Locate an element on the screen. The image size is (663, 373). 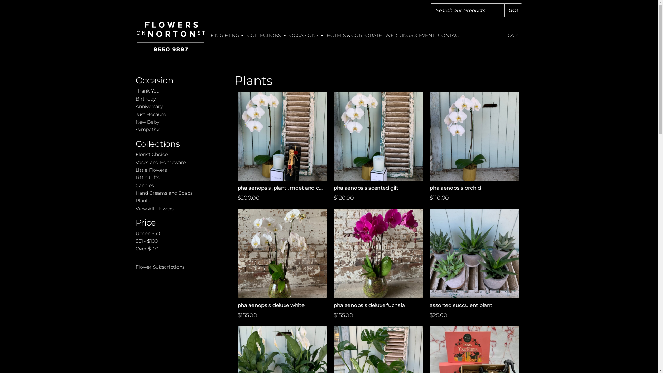
'Little Flowers' is located at coordinates (151, 170).